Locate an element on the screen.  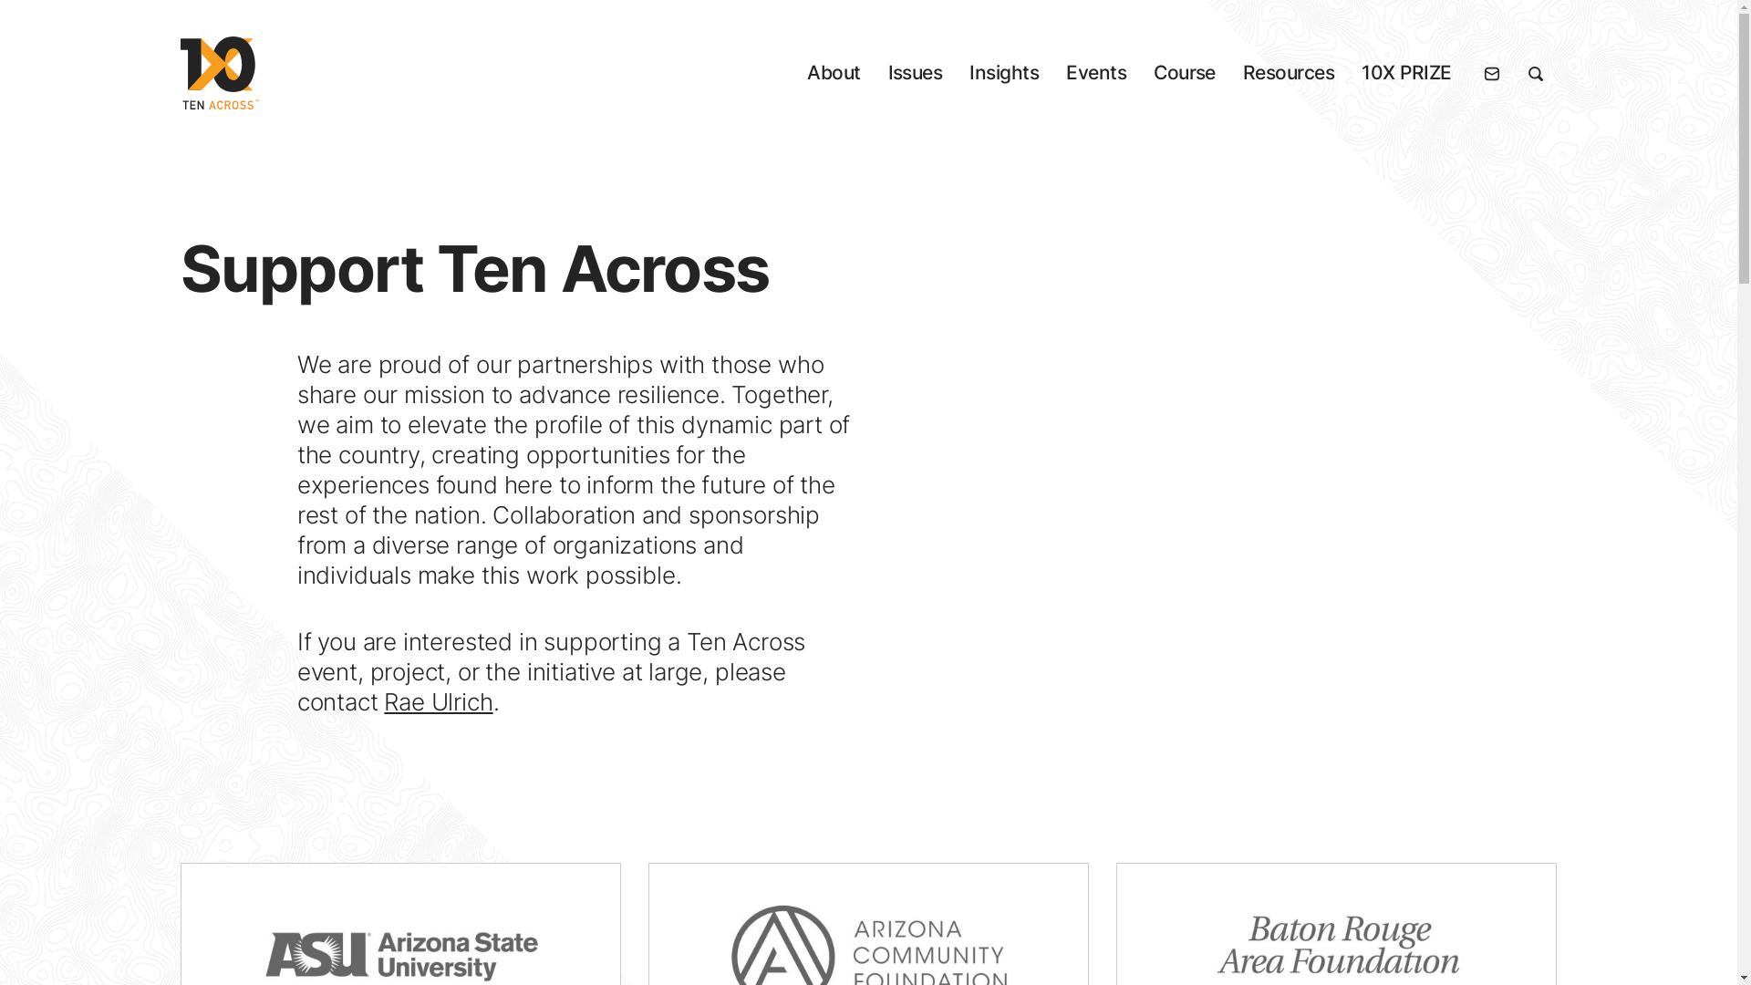
'Events' is located at coordinates (1094, 72).